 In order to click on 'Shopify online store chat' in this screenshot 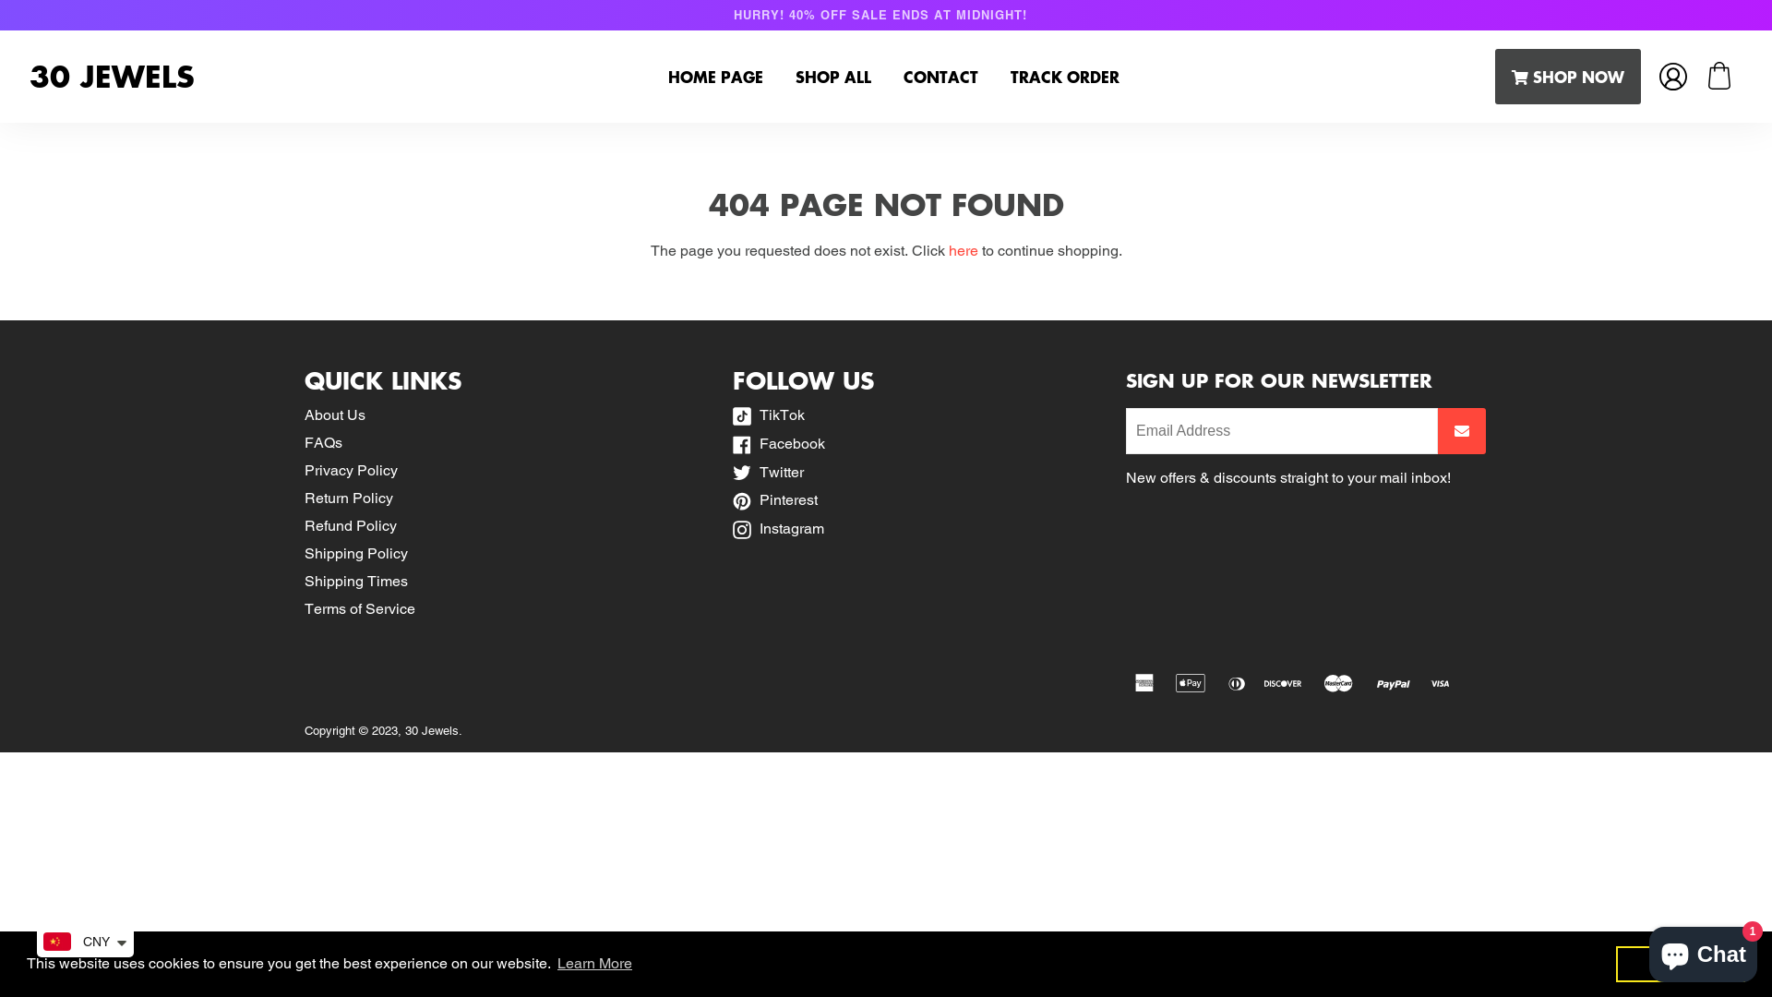, I will do `click(1702, 950)`.